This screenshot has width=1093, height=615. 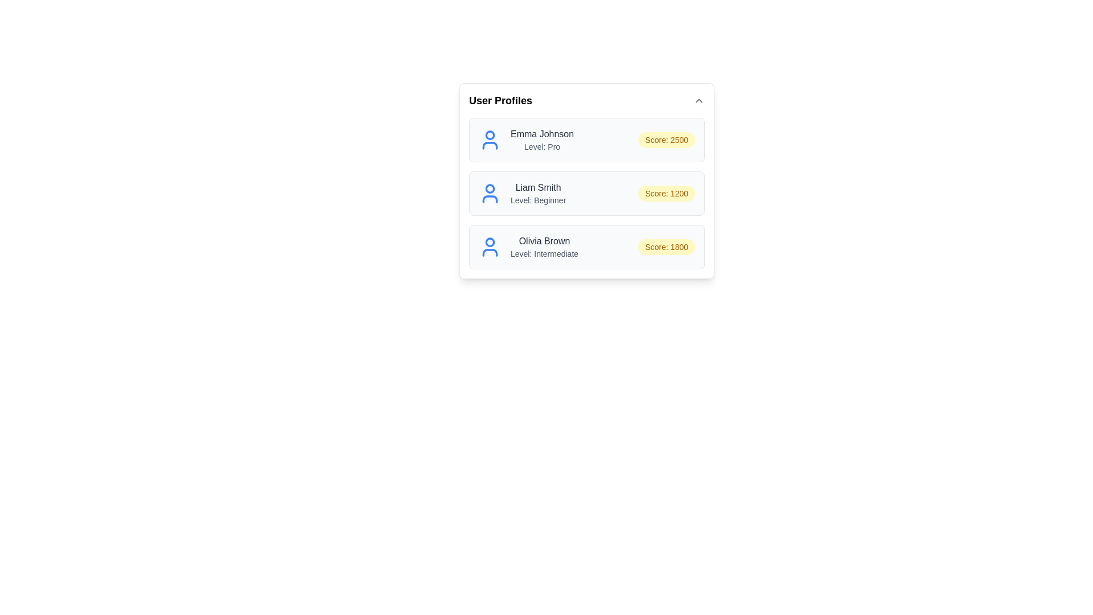 What do you see at coordinates (587, 140) in the screenshot?
I see `the first Profile card in the list` at bounding box center [587, 140].